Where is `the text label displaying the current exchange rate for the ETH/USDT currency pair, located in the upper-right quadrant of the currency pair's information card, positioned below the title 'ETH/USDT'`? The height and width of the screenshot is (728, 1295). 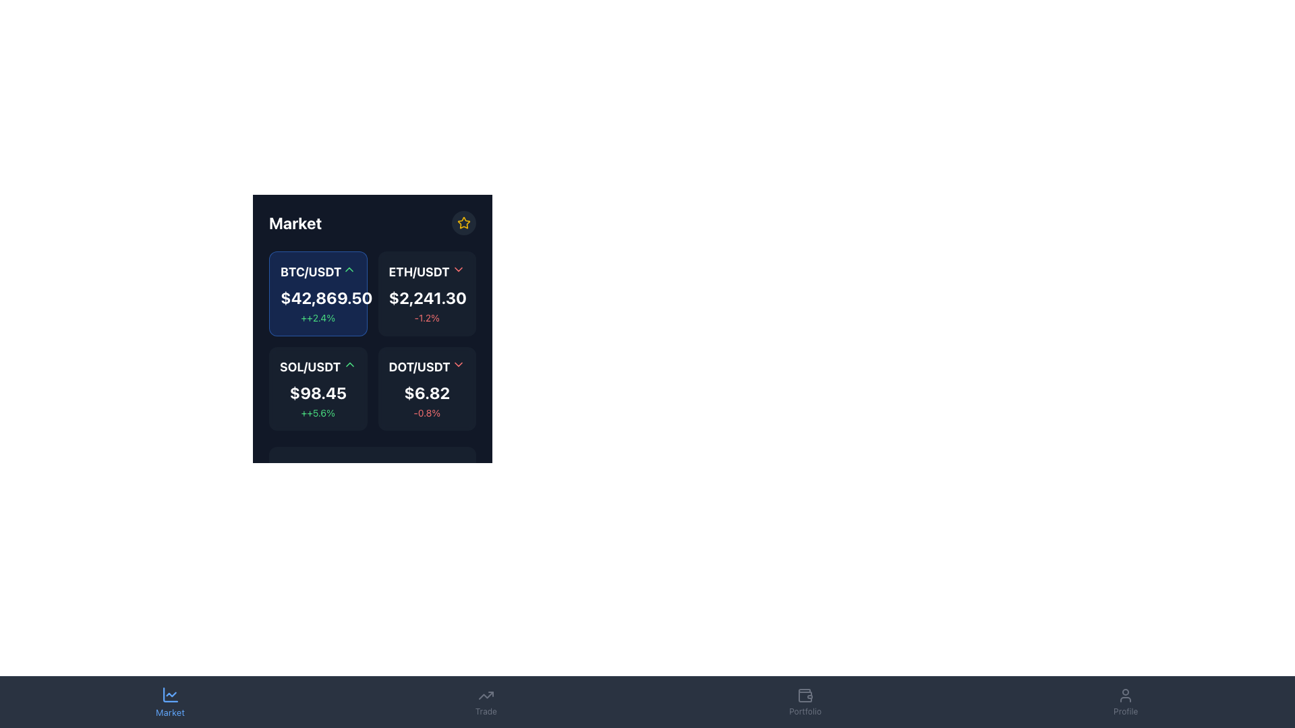
the text label displaying the current exchange rate for the ETH/USDT currency pair, located in the upper-right quadrant of the currency pair's information card, positioned below the title 'ETH/USDT' is located at coordinates (426, 297).